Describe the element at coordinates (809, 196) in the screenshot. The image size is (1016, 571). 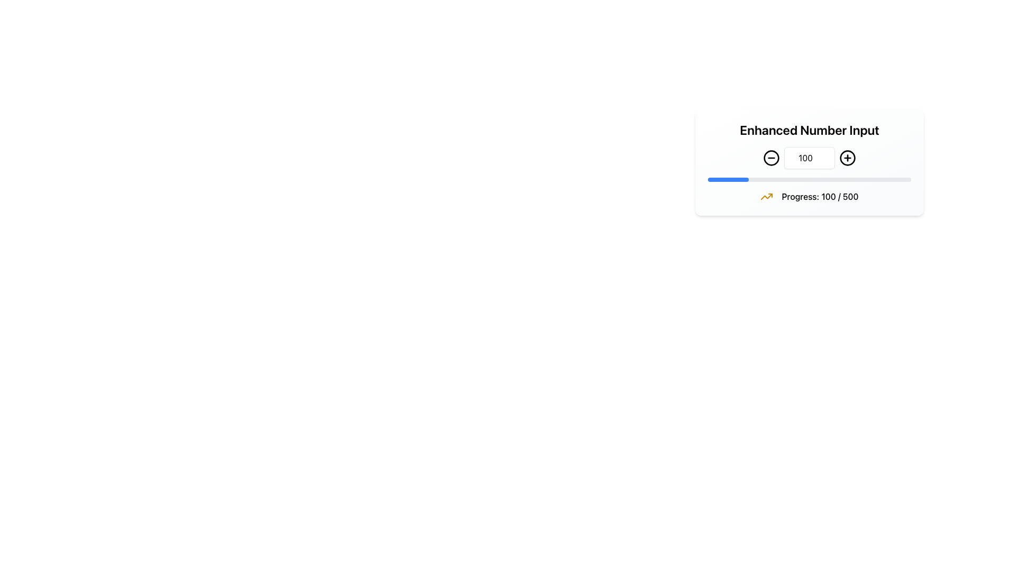
I see `progress information displayed in the element showing 'Progress: 100 / 500' with an upward arrow icon` at that location.